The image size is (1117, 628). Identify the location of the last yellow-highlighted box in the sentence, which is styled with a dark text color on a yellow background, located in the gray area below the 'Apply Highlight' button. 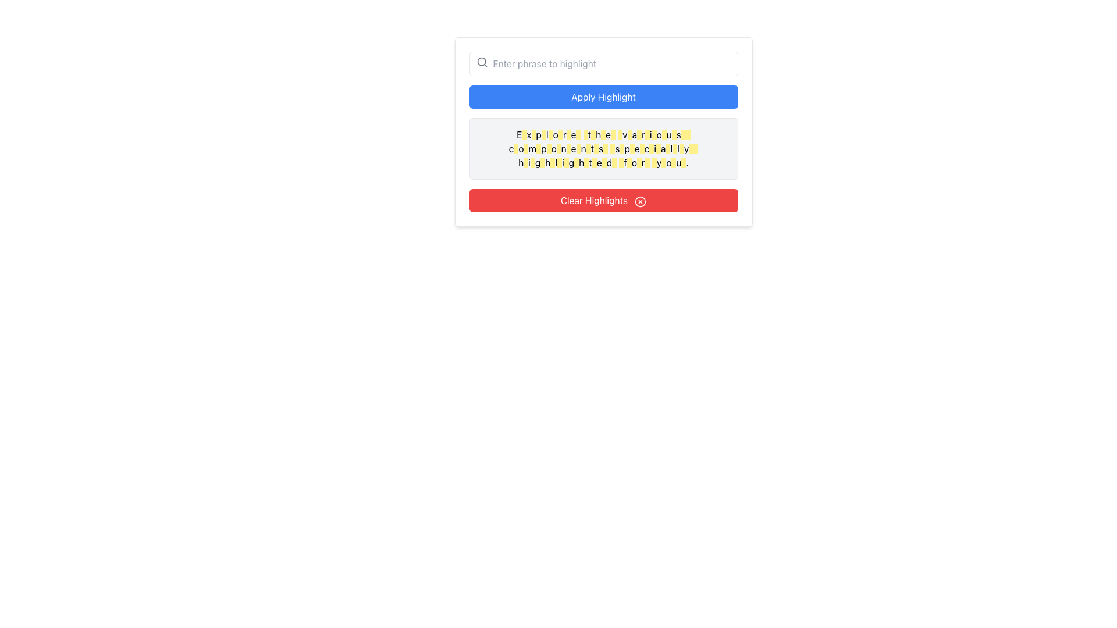
(688, 134).